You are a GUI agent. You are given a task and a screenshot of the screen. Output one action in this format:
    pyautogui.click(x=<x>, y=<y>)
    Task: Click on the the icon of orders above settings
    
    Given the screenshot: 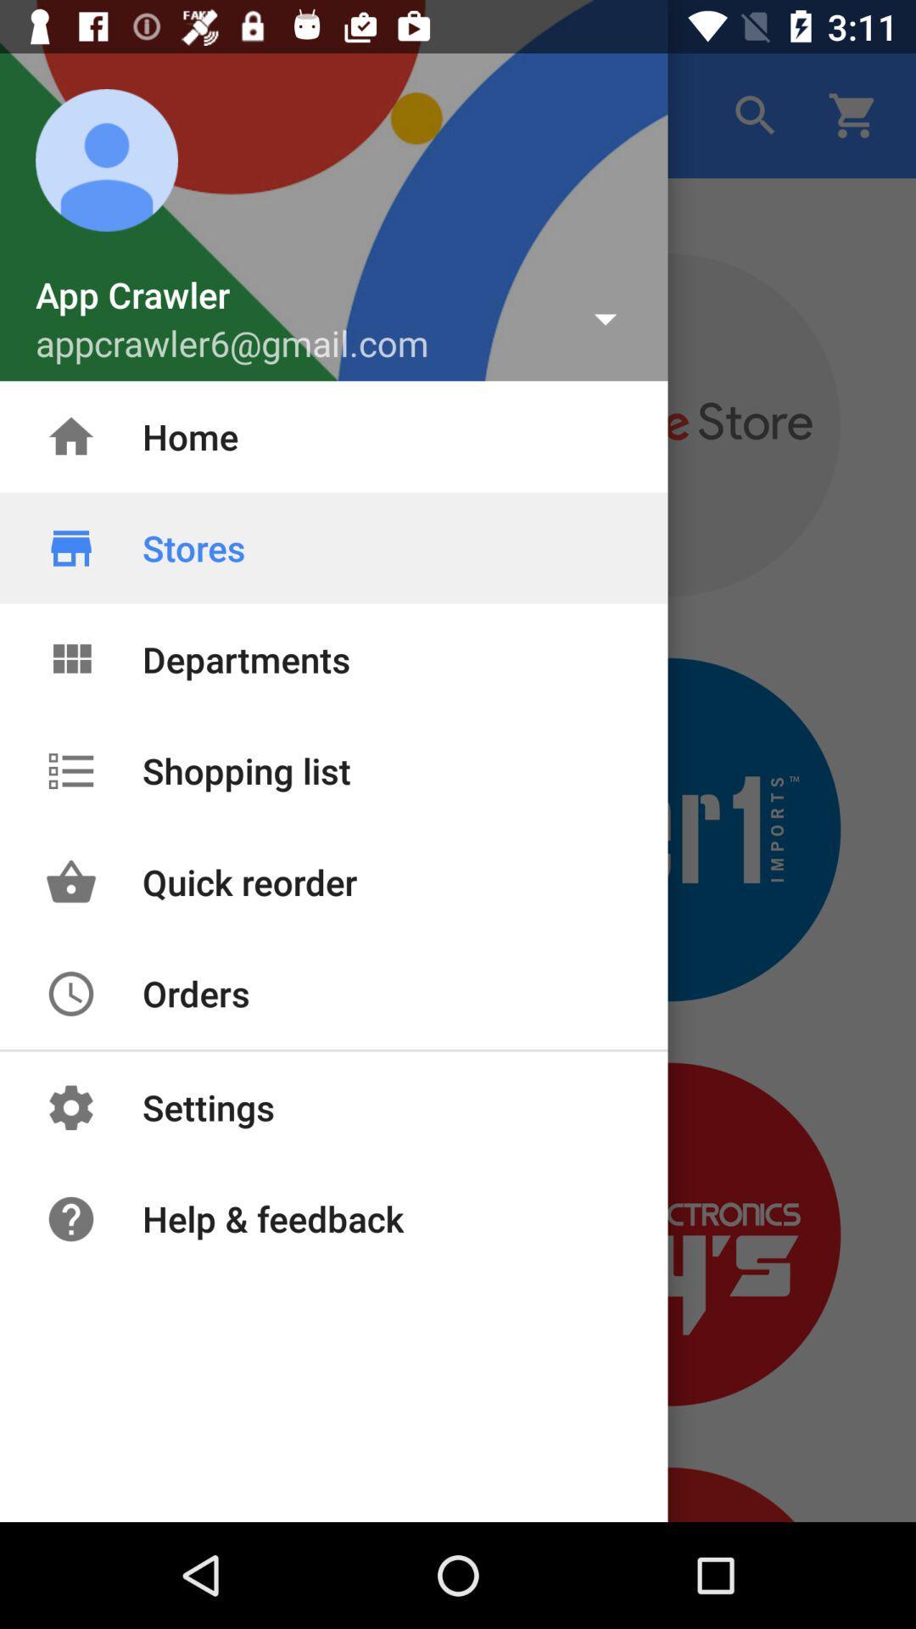 What is the action you would take?
    pyautogui.click(x=70, y=994)
    